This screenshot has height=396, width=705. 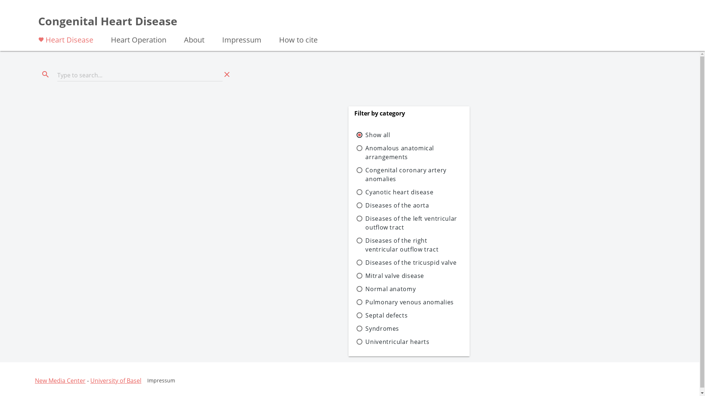 What do you see at coordinates (65, 39) in the screenshot?
I see `'Heart Disease'` at bounding box center [65, 39].